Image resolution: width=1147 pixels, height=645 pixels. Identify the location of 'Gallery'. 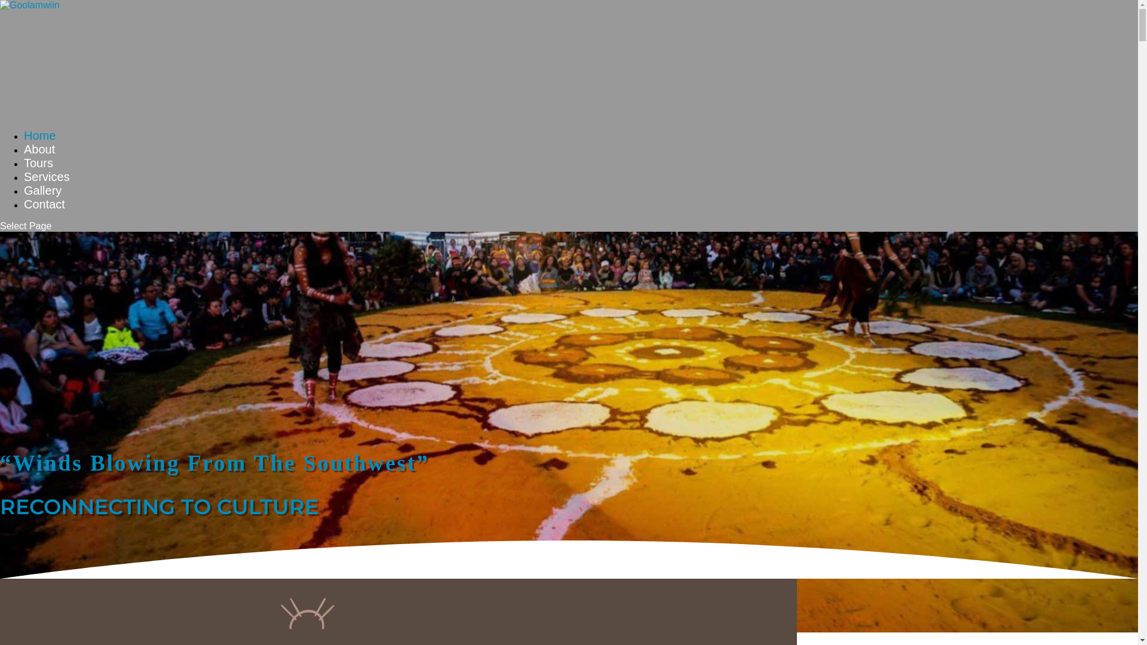
(23, 200).